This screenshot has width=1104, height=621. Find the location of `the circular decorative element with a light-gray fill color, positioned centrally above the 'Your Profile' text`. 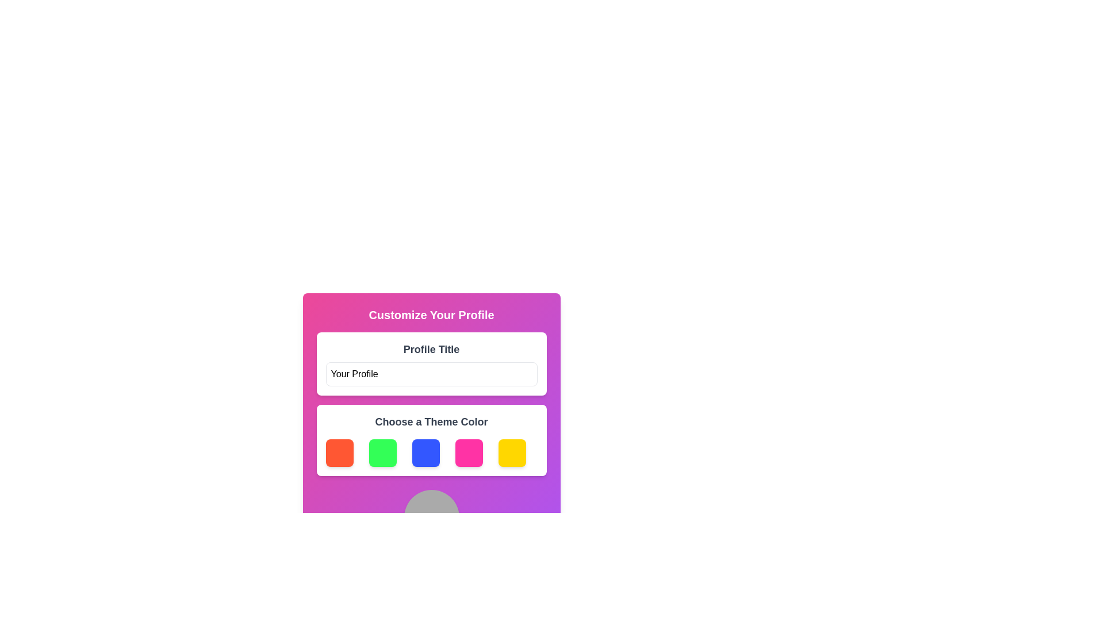

the circular decorative element with a light-gray fill color, positioned centrally above the 'Your Profile' text is located at coordinates (431, 516).